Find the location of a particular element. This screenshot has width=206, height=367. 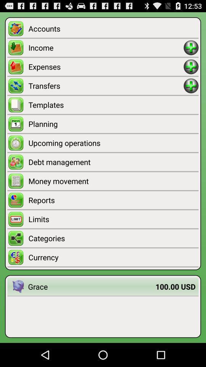

transfer is located at coordinates (191, 86).